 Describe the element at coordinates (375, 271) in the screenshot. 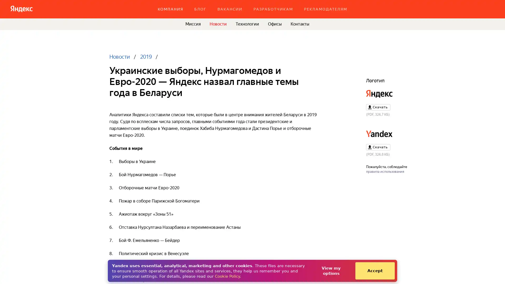

I see `Accept` at that location.